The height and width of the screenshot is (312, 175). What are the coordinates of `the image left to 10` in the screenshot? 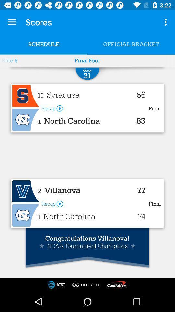 It's located at (25, 96).